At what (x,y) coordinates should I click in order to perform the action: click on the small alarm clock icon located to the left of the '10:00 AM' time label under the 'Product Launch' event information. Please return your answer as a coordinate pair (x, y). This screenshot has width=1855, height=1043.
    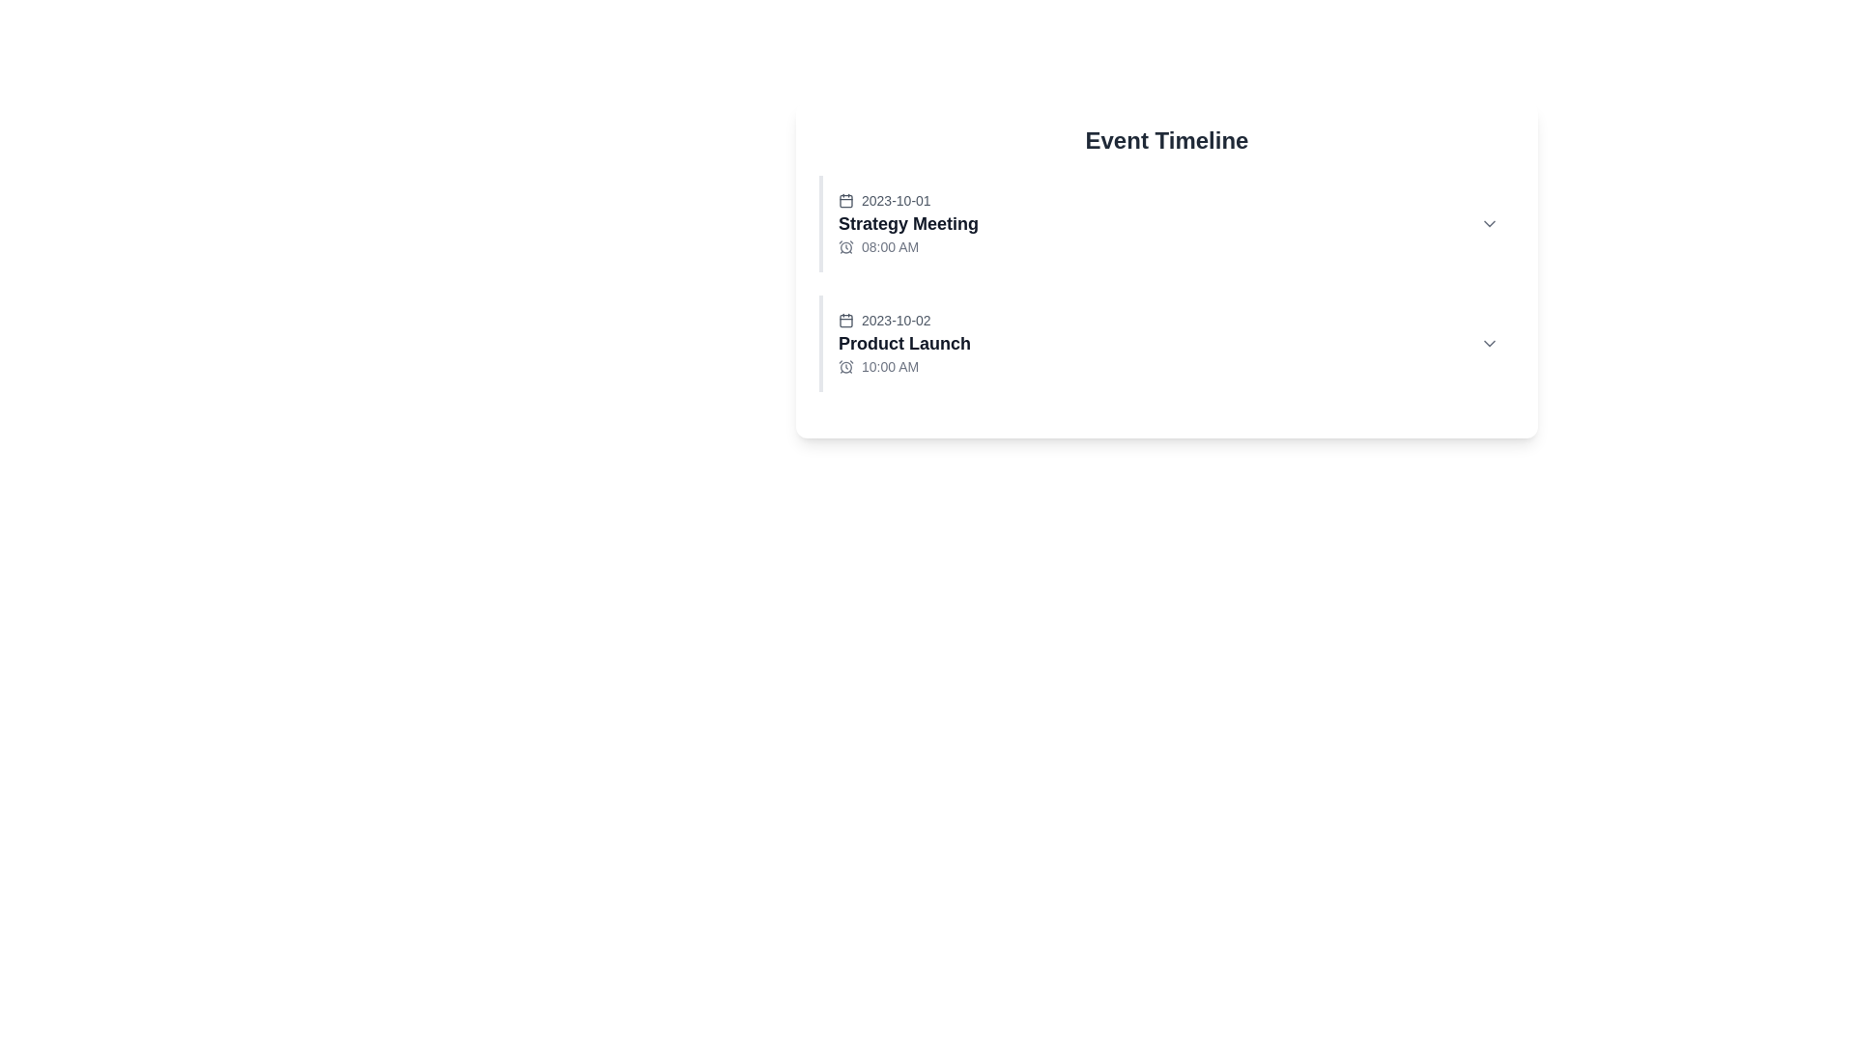
    Looking at the image, I should click on (845, 367).